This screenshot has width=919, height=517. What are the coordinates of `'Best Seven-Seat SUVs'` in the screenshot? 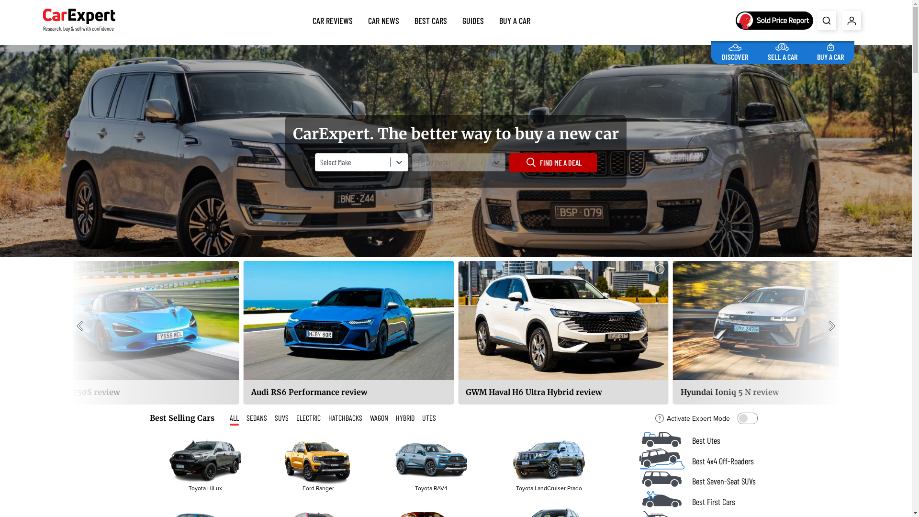 It's located at (700, 481).